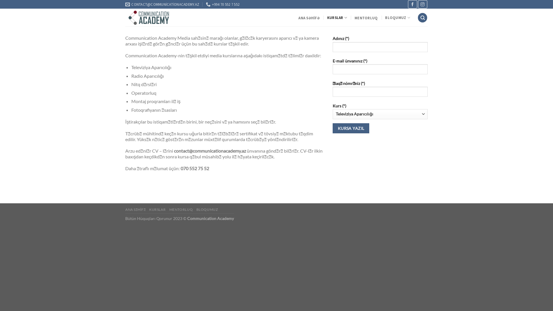 The image size is (553, 311). I want to click on 'CONTACT@COMMUNICATIONACADEMY.AZ', so click(162, 4).